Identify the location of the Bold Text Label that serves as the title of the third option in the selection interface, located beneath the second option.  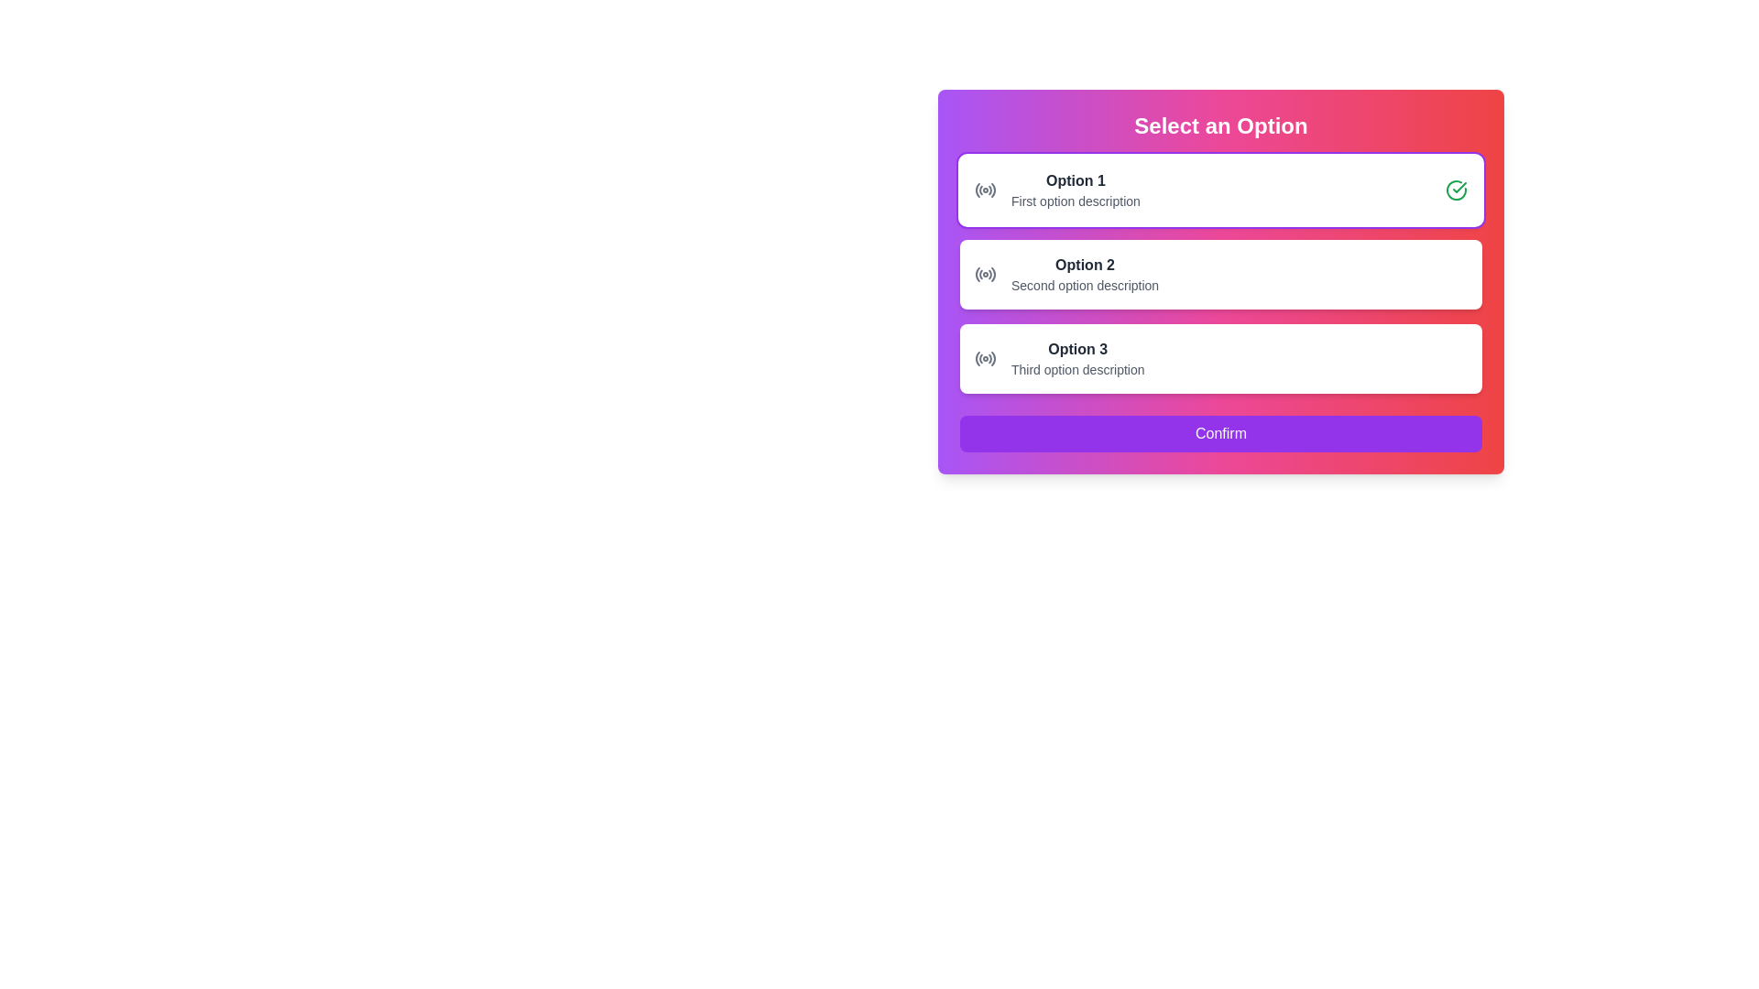
(1077, 349).